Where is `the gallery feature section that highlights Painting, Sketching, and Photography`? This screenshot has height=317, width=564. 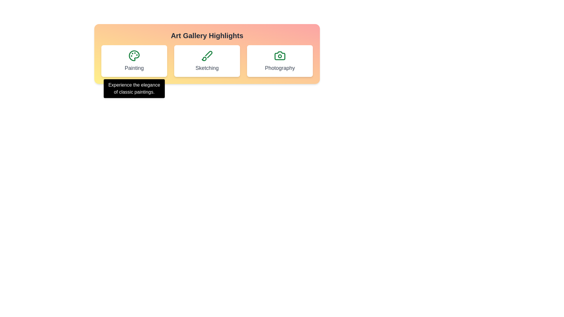
the gallery feature section that highlights Painting, Sketching, and Photography is located at coordinates (207, 54).